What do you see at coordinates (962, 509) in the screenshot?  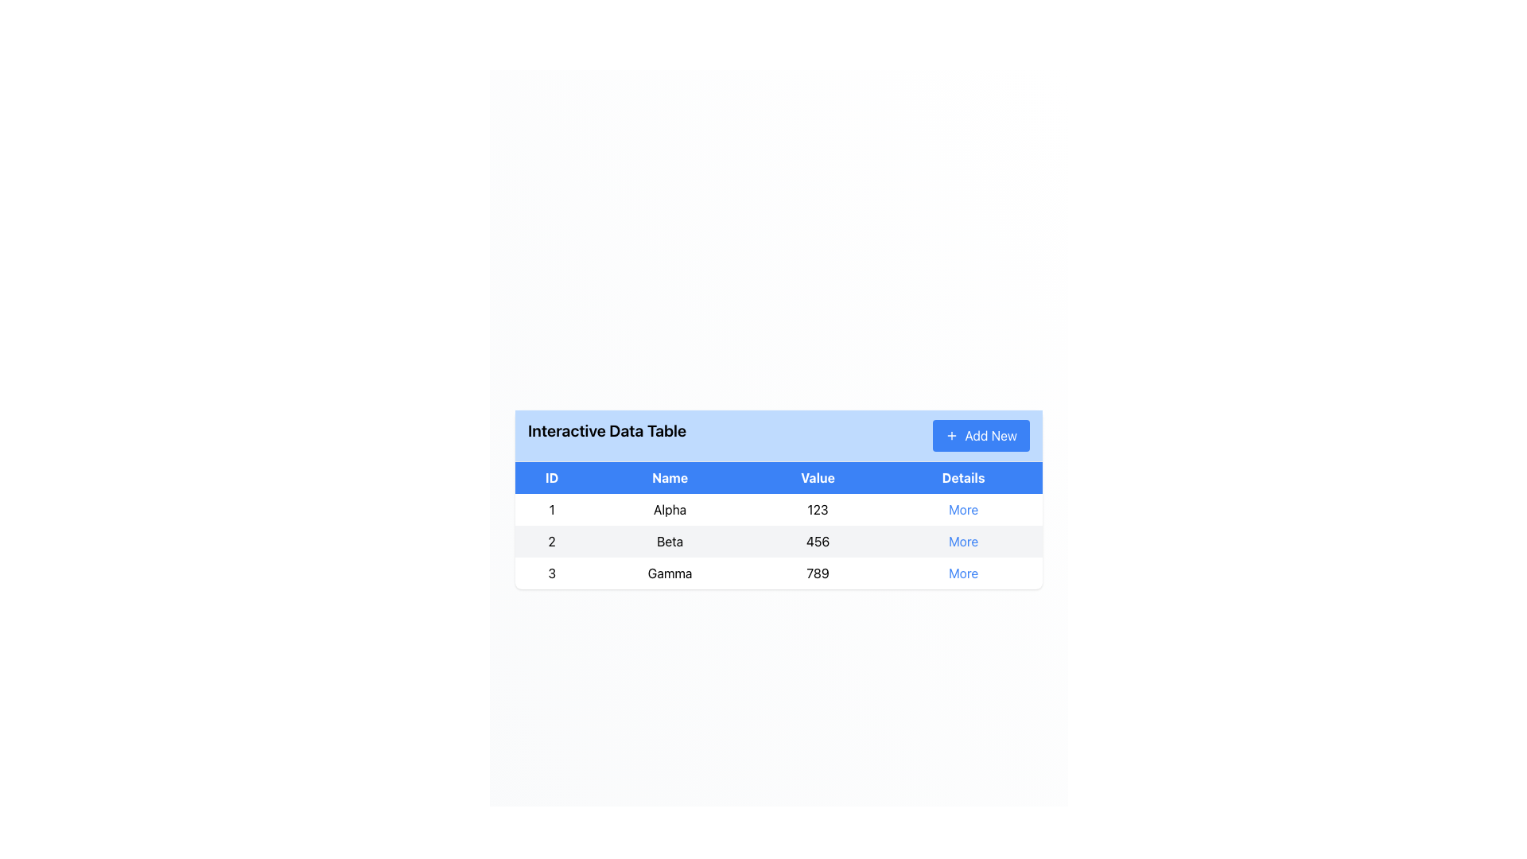 I see `the text link labeled 'More' in blue color located in the rightmost column of the first row of the table` at bounding box center [962, 509].